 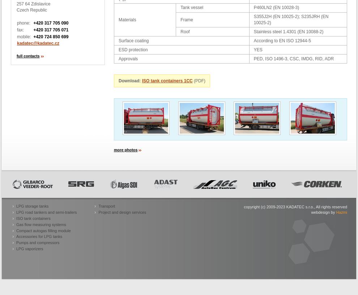 I want to click on '+420 317 705 090', so click(x=50, y=22).